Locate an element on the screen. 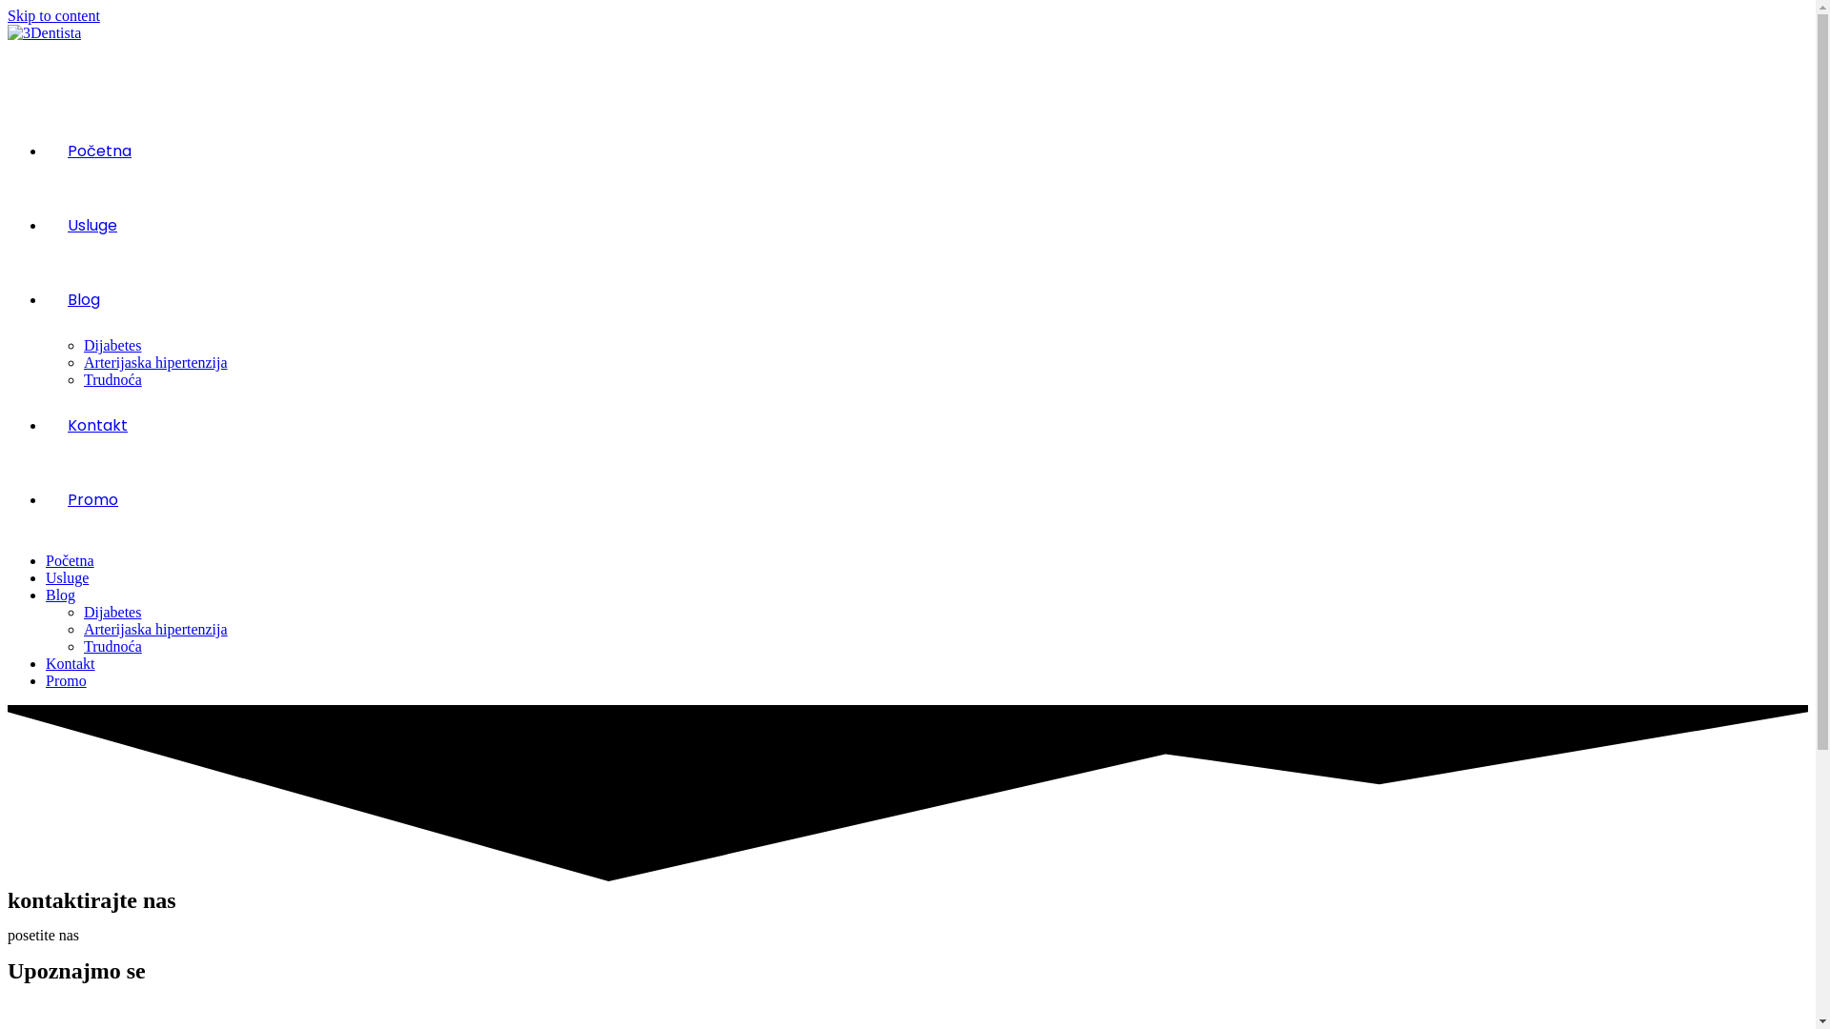 The image size is (1830, 1029). 'Arterijaska hipertenzija' is located at coordinates (82, 629).